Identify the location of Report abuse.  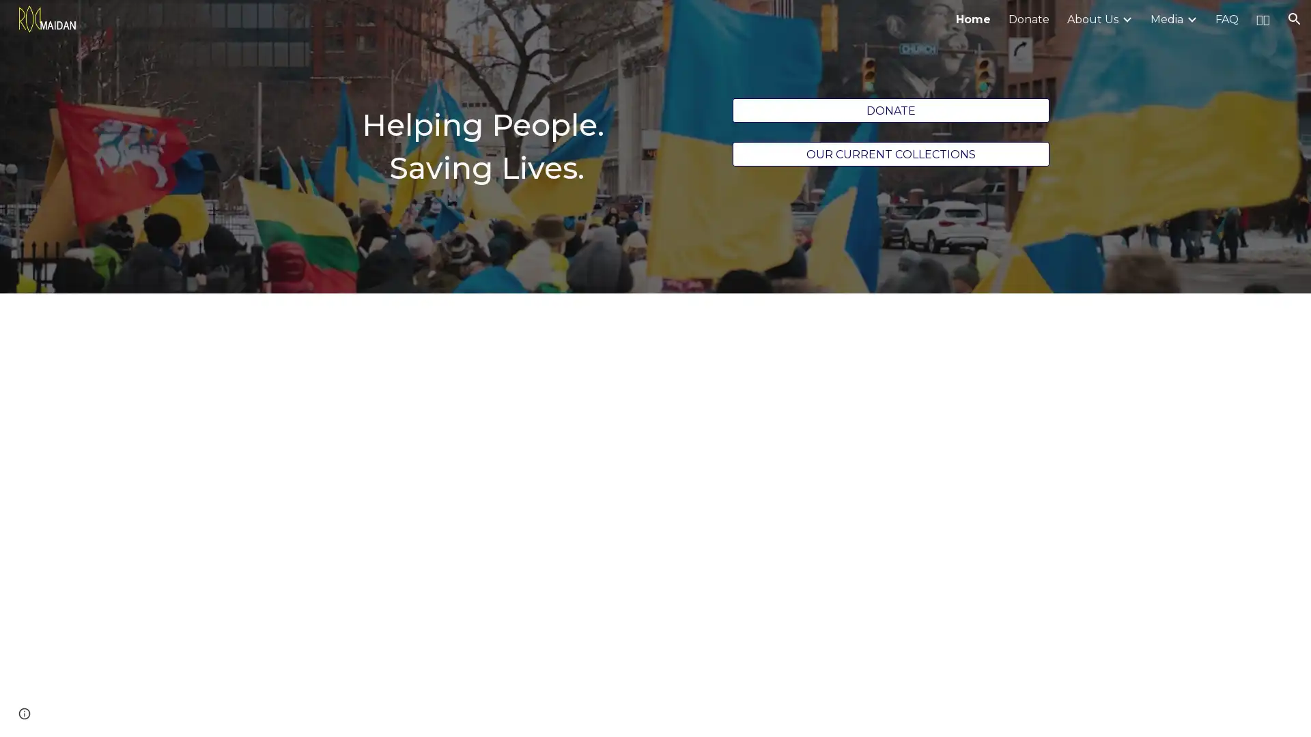
(164, 712).